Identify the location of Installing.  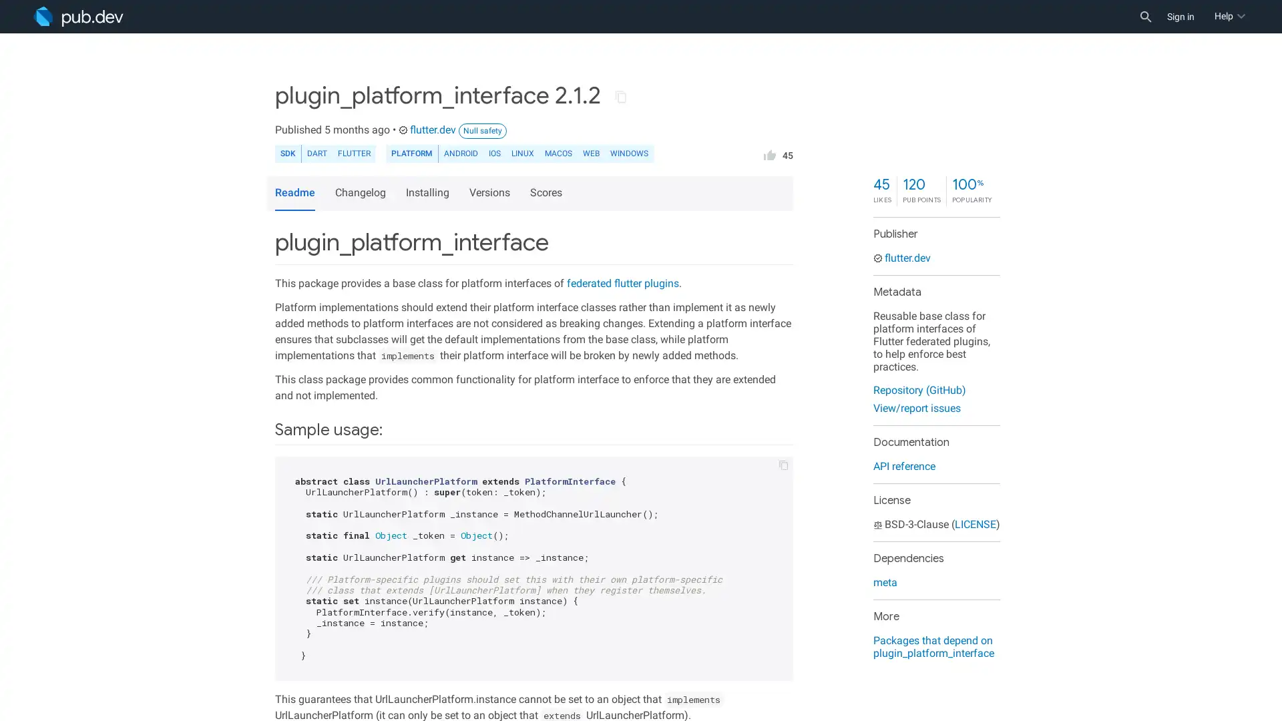
(429, 193).